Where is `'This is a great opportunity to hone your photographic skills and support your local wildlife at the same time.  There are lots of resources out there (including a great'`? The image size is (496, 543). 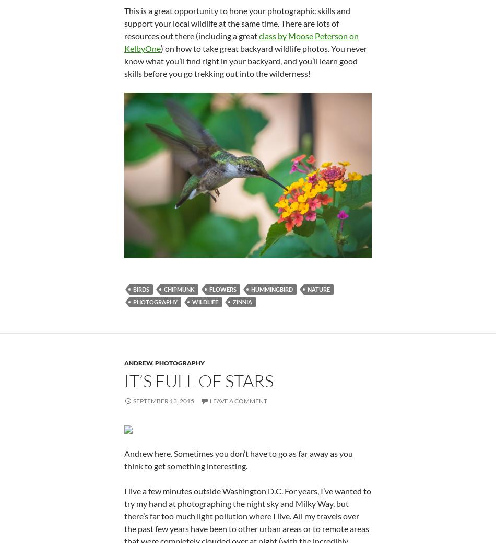
'This is a great opportunity to hone your photographic skills and support your local wildlife at the same time.  There are lots of resources out there (including a great' is located at coordinates (237, 22).